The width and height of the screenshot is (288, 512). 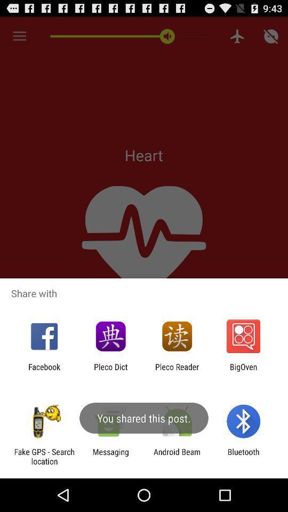 I want to click on the icon to the left of pleco reader item, so click(x=110, y=371).